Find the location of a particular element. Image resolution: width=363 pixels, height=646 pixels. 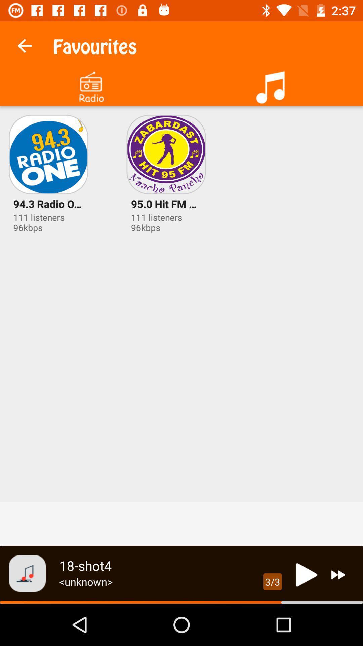

skip button is located at coordinates (338, 574).